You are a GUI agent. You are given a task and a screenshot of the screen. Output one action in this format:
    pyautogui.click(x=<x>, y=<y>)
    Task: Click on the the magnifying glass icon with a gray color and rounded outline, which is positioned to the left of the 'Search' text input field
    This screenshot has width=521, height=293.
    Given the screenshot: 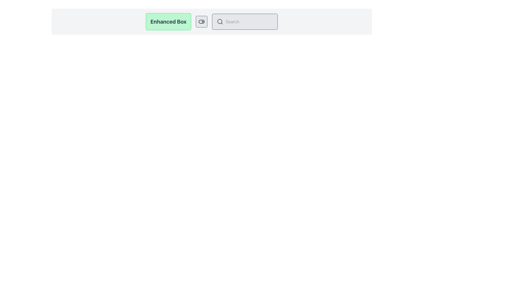 What is the action you would take?
    pyautogui.click(x=220, y=21)
    